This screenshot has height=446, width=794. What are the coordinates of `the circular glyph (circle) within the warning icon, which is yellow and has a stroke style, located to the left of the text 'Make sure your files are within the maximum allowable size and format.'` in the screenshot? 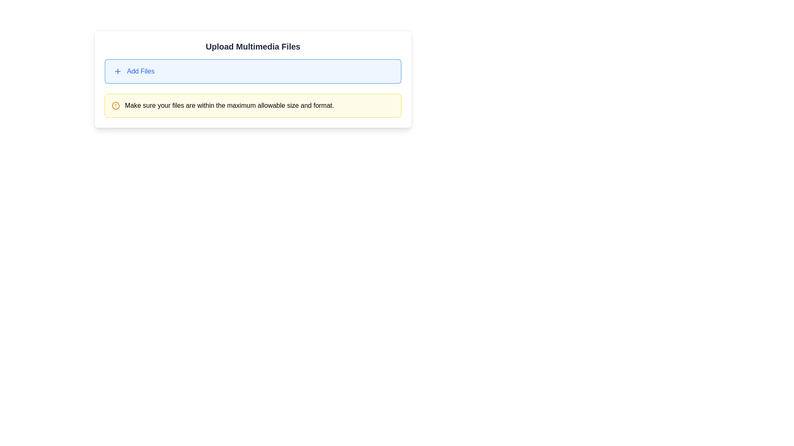 It's located at (115, 105).